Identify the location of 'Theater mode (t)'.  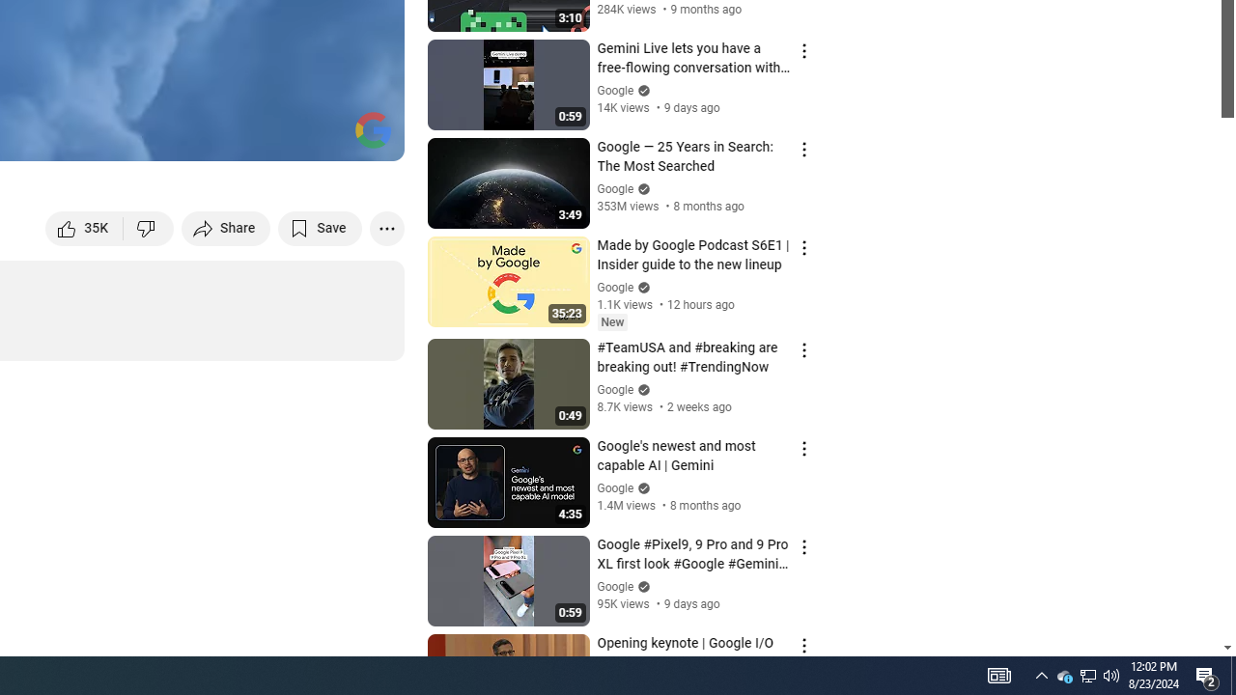
(323, 136).